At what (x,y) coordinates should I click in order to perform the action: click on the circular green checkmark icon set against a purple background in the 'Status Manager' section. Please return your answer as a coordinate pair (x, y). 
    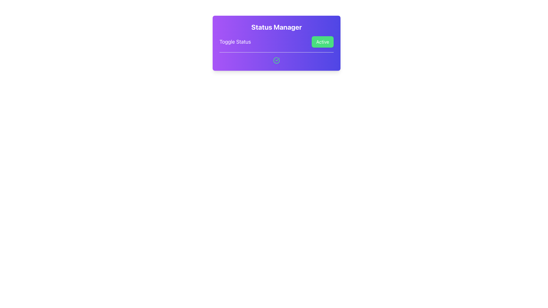
    Looking at the image, I should click on (277, 60).